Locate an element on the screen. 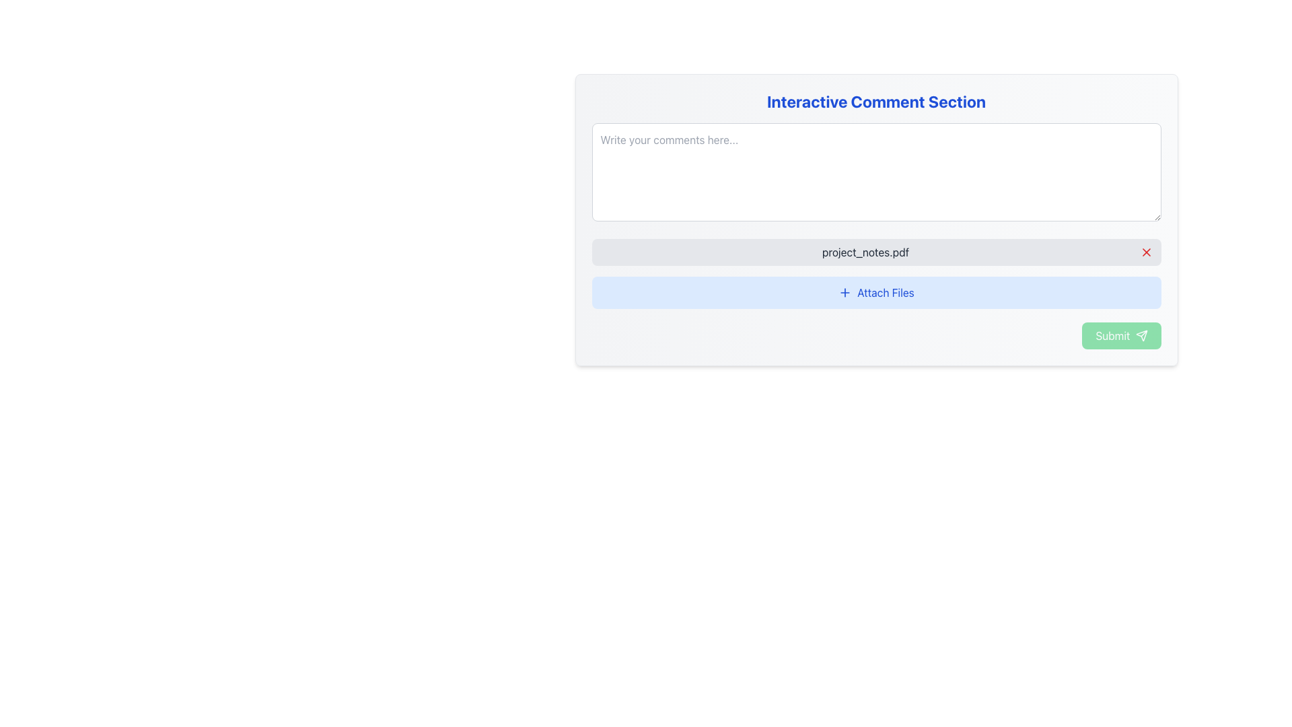 This screenshot has height=727, width=1292. the submit button located at the far right of the comment section is located at coordinates (1121, 335).